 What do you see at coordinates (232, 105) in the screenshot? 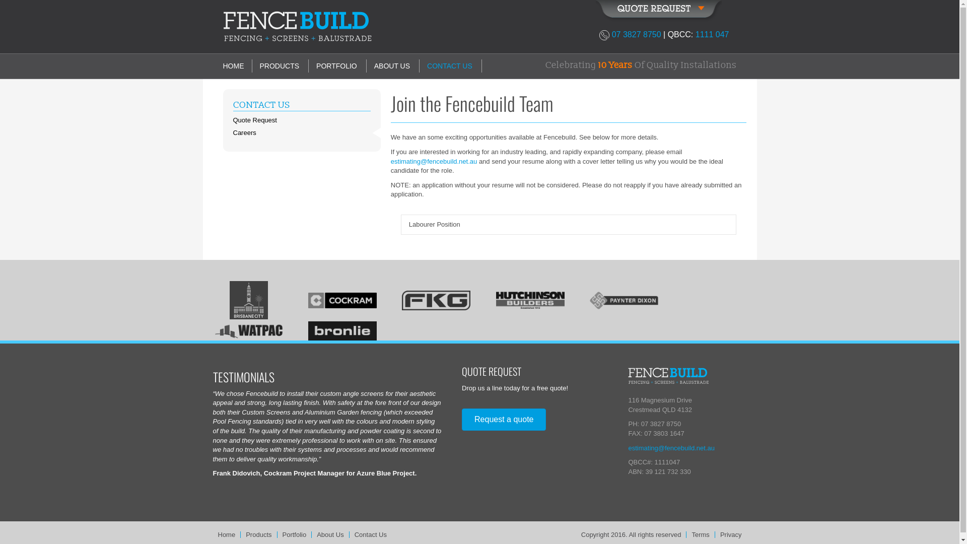
I see `'CONTACT US'` at bounding box center [232, 105].